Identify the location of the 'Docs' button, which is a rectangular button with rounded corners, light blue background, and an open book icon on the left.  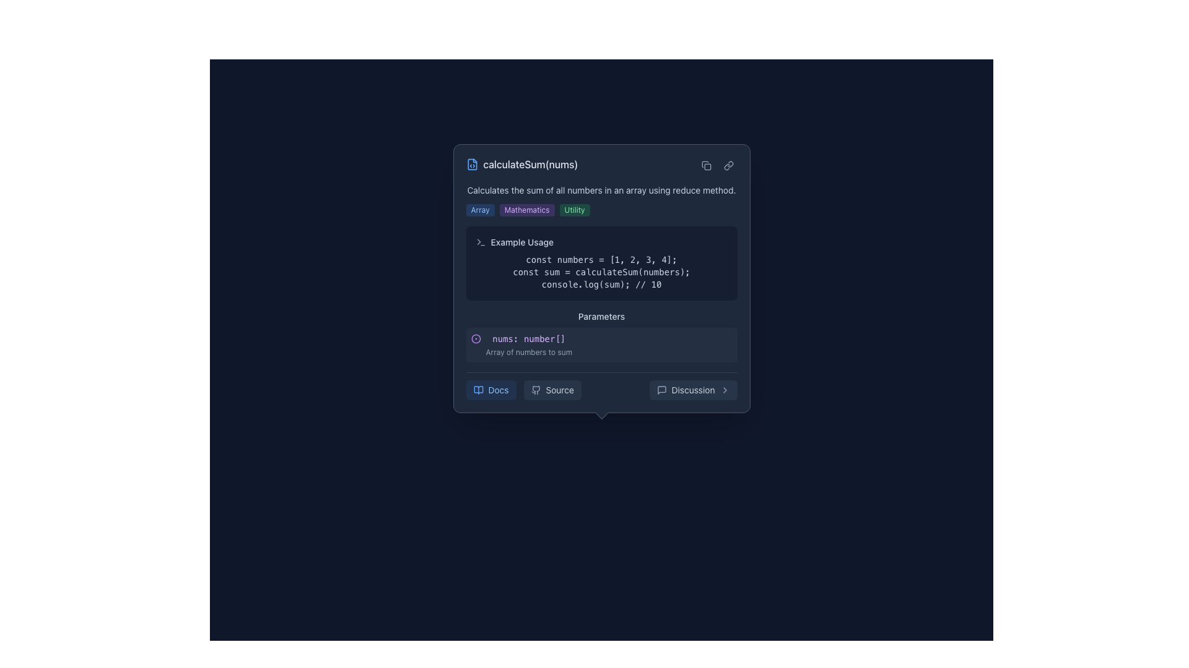
(490, 390).